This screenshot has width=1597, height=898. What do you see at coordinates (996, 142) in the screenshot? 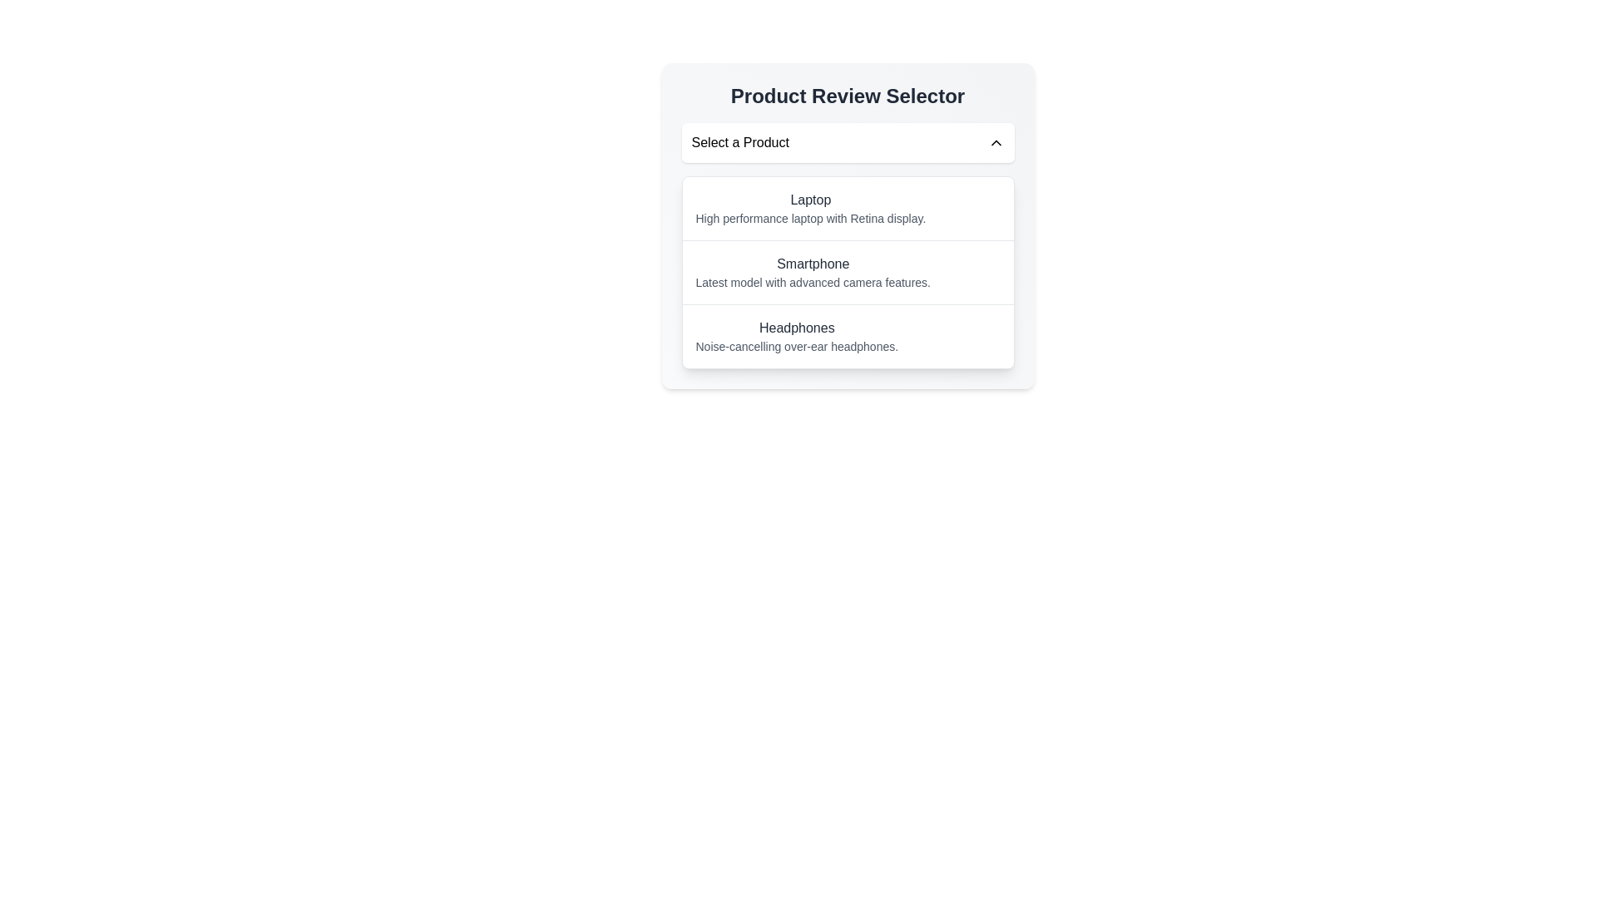
I see `the downward-pointing chevron icon next to the 'Select a Product' text` at bounding box center [996, 142].